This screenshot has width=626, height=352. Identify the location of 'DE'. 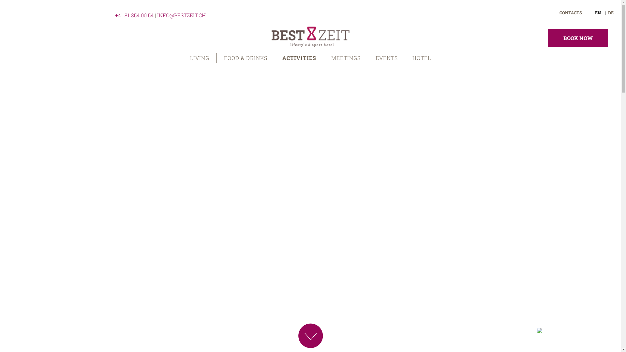
(600, 12).